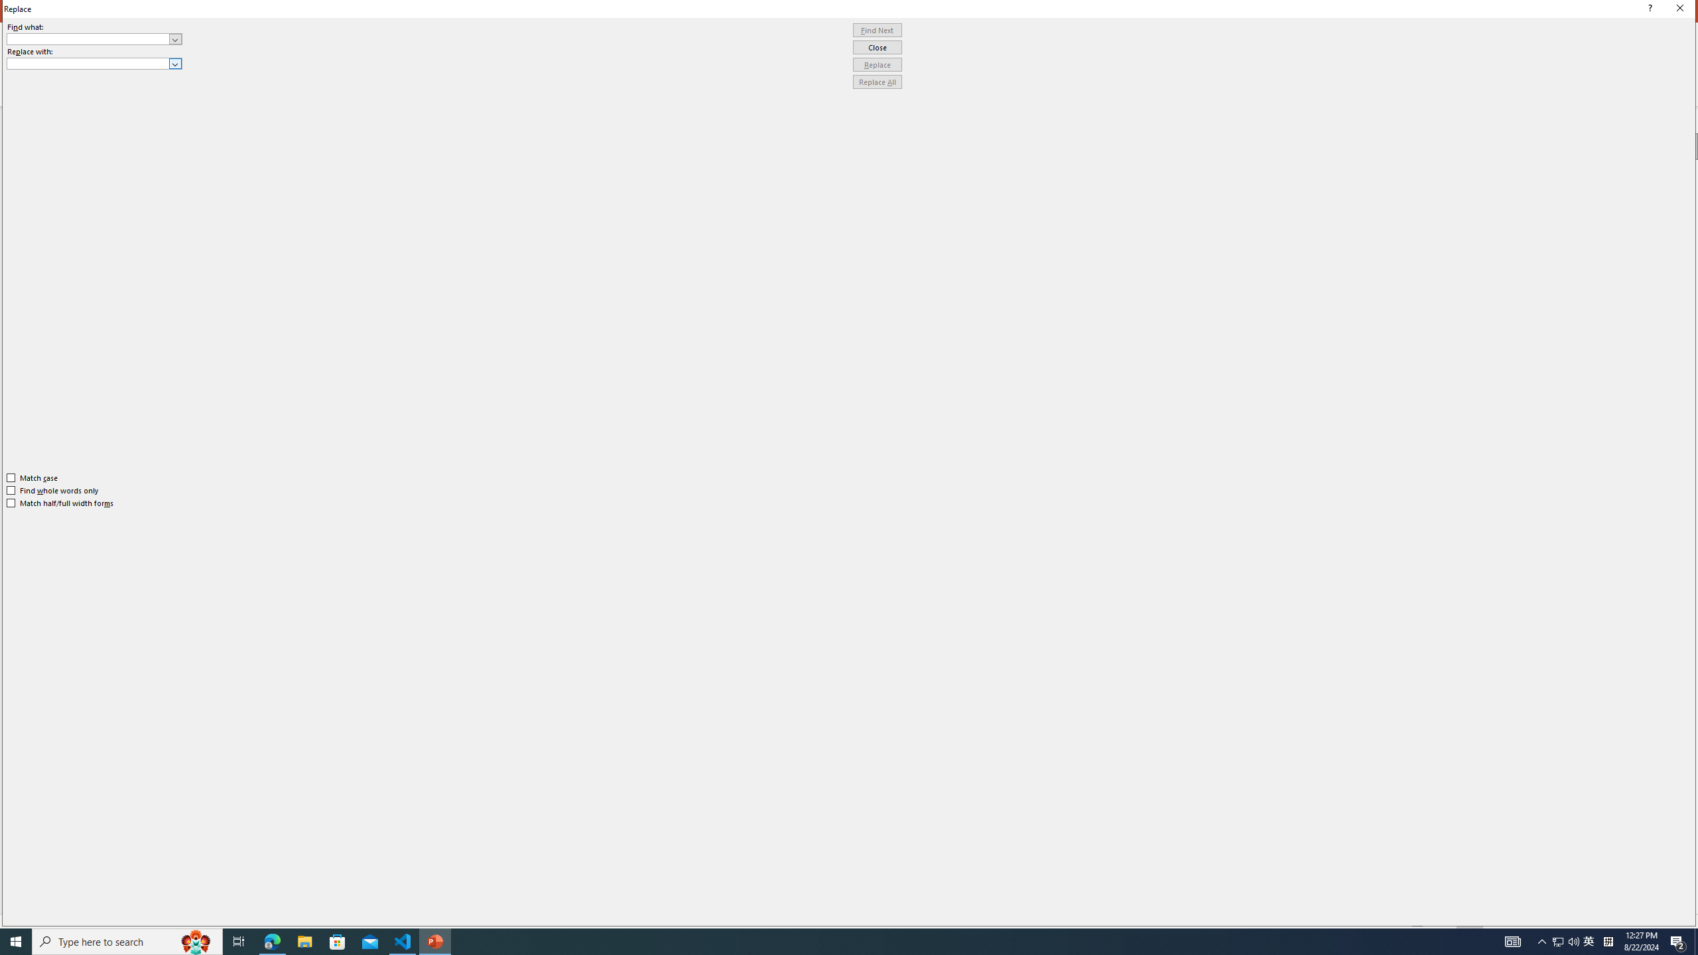 The width and height of the screenshot is (1698, 955). What do you see at coordinates (94, 63) in the screenshot?
I see `'Replace with'` at bounding box center [94, 63].